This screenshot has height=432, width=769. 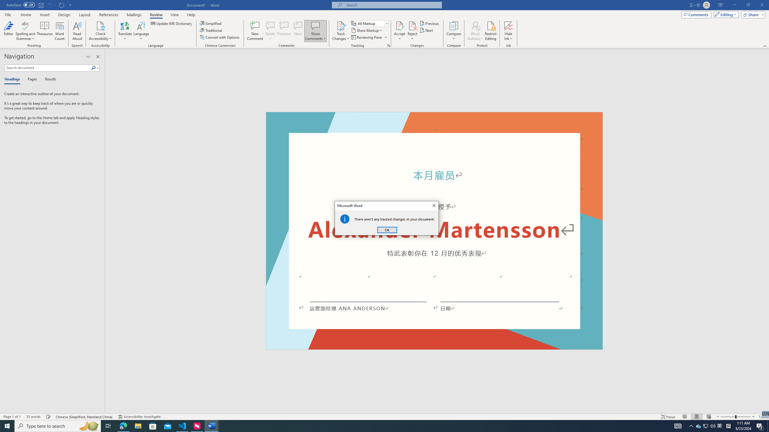 What do you see at coordinates (12, 417) in the screenshot?
I see `'Page Number Page 1 of 1'` at bounding box center [12, 417].